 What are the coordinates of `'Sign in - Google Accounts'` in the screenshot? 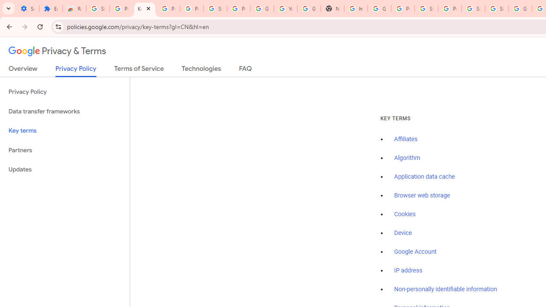 It's located at (497, 9).